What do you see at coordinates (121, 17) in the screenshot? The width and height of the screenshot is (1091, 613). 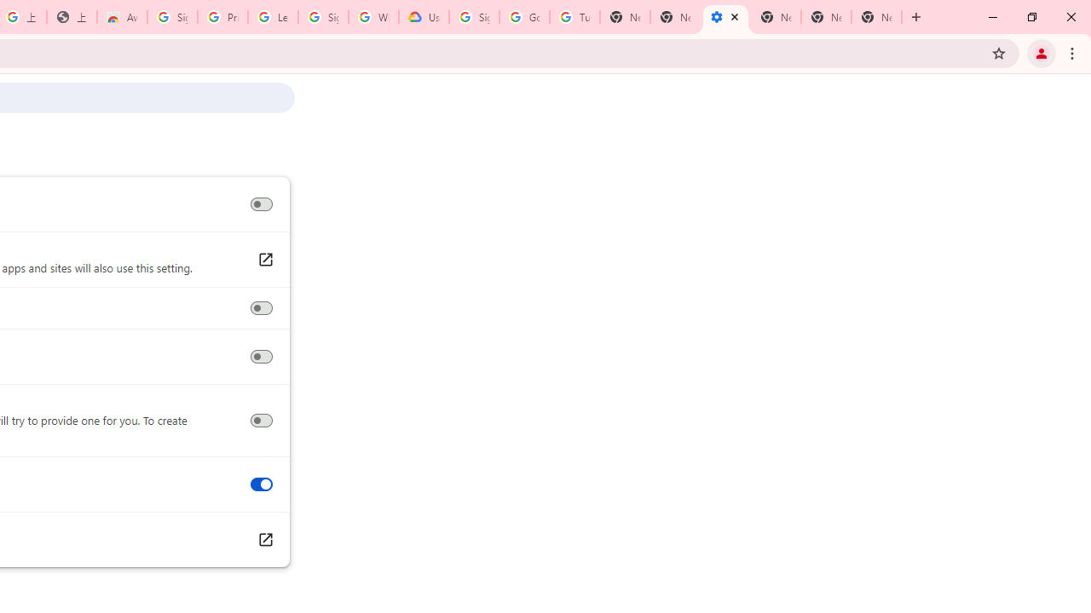 I see `'Awesome Screen Recorder & Screenshot - Chrome Web Store'` at bounding box center [121, 17].